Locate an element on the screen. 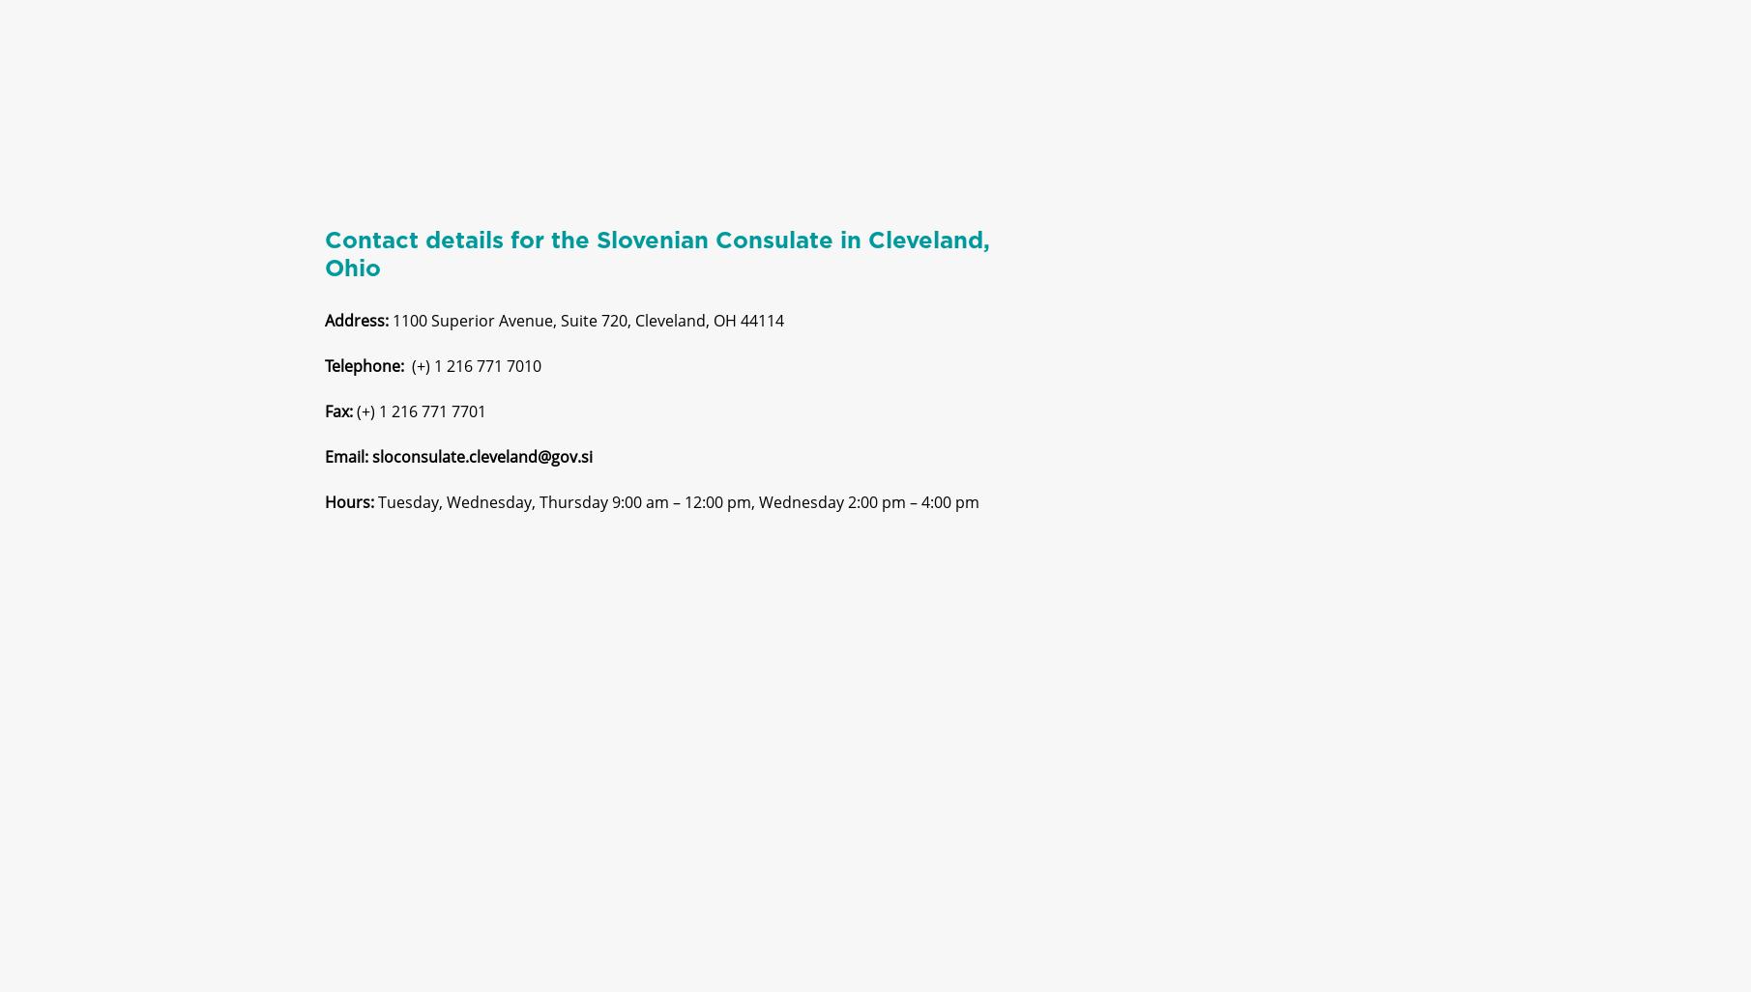 The height and width of the screenshot is (992, 1751). 'Address:' is located at coordinates (356, 336).